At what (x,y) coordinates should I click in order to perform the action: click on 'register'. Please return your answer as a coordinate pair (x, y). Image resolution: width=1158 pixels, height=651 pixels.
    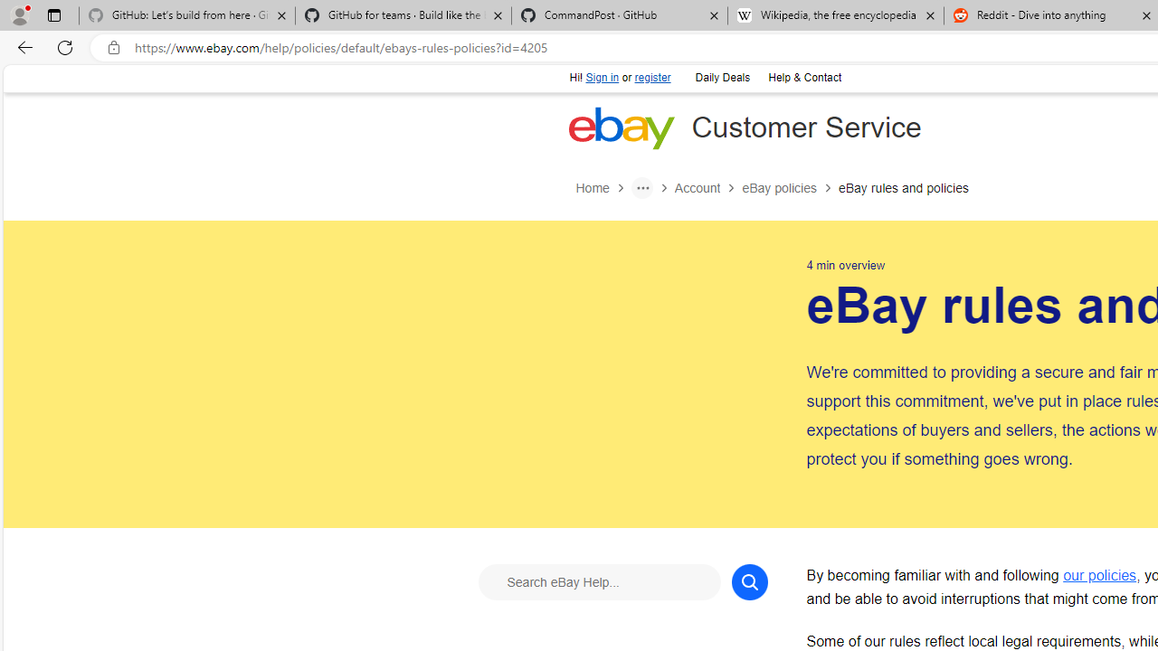
    Looking at the image, I should click on (651, 77).